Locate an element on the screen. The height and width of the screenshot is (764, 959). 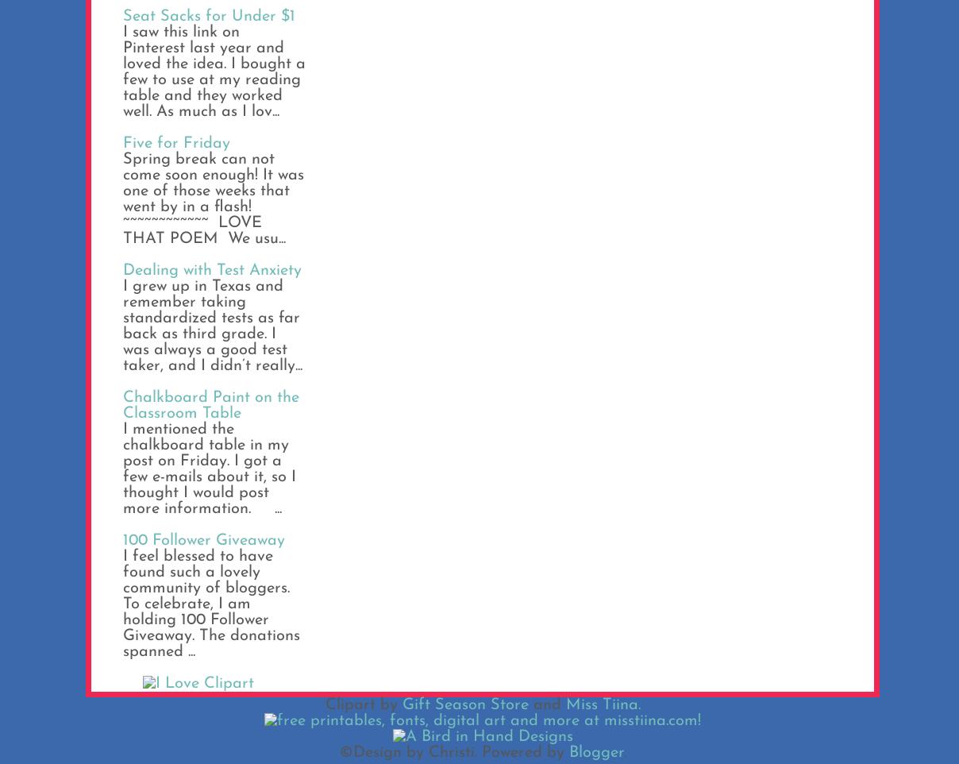
'100 Follower Giveaway' is located at coordinates (203, 539).